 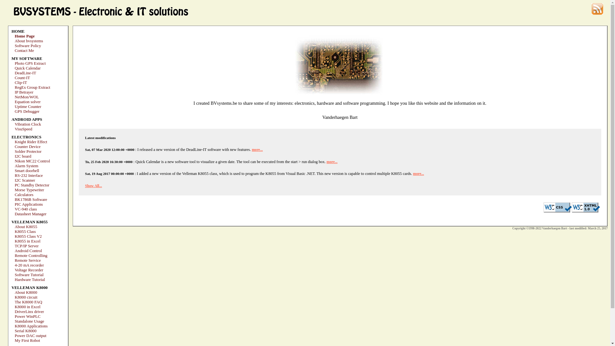 What do you see at coordinates (15, 82) in the screenshot?
I see `'Clip-IT'` at bounding box center [15, 82].